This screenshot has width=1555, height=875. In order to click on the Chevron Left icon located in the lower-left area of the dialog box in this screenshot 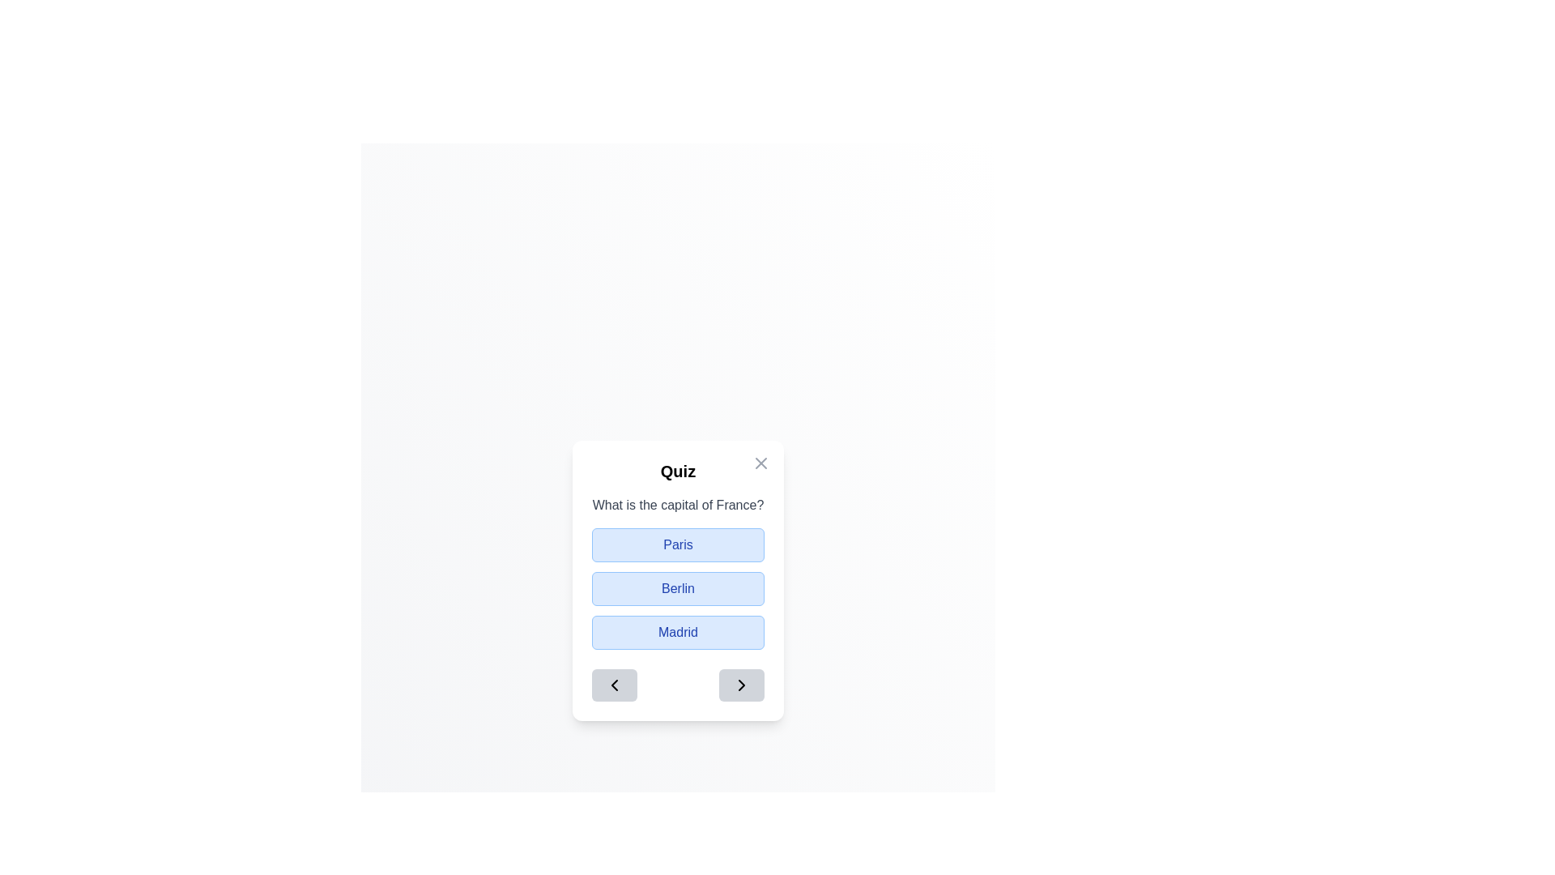, I will do `click(613, 685)`.